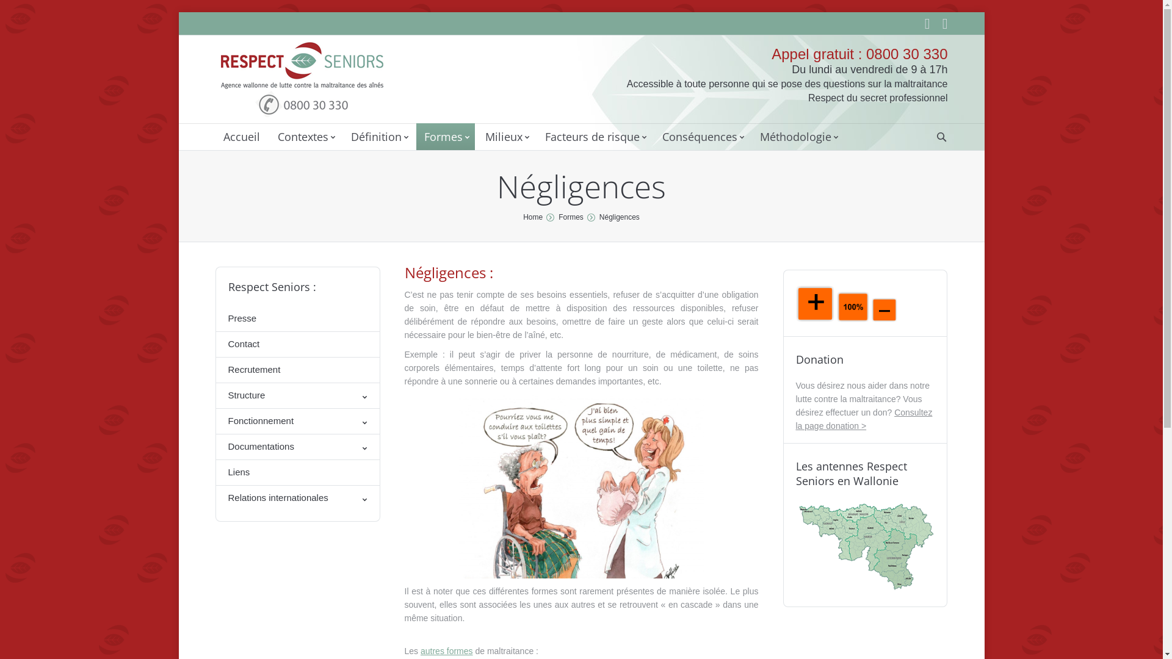 This screenshot has height=659, width=1172. I want to click on 'Contextes', so click(305, 136).